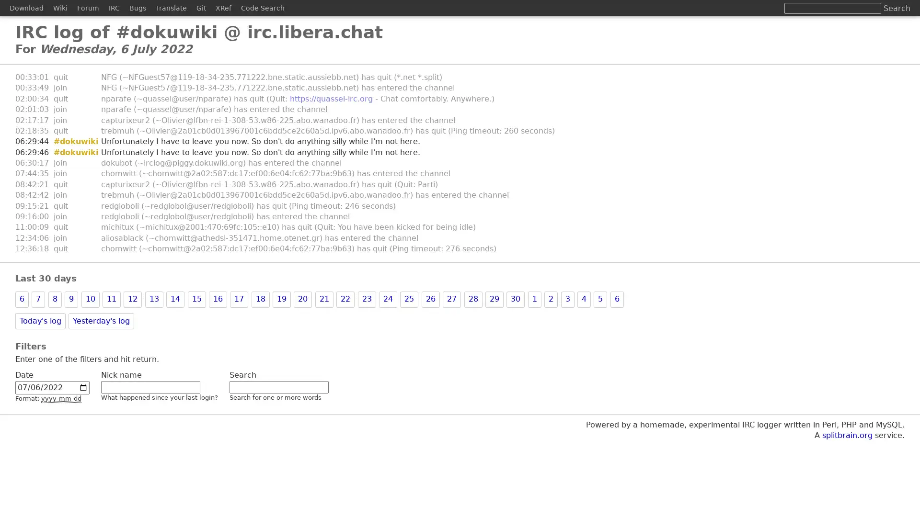  Describe the element at coordinates (897, 8) in the screenshot. I see `Search` at that location.